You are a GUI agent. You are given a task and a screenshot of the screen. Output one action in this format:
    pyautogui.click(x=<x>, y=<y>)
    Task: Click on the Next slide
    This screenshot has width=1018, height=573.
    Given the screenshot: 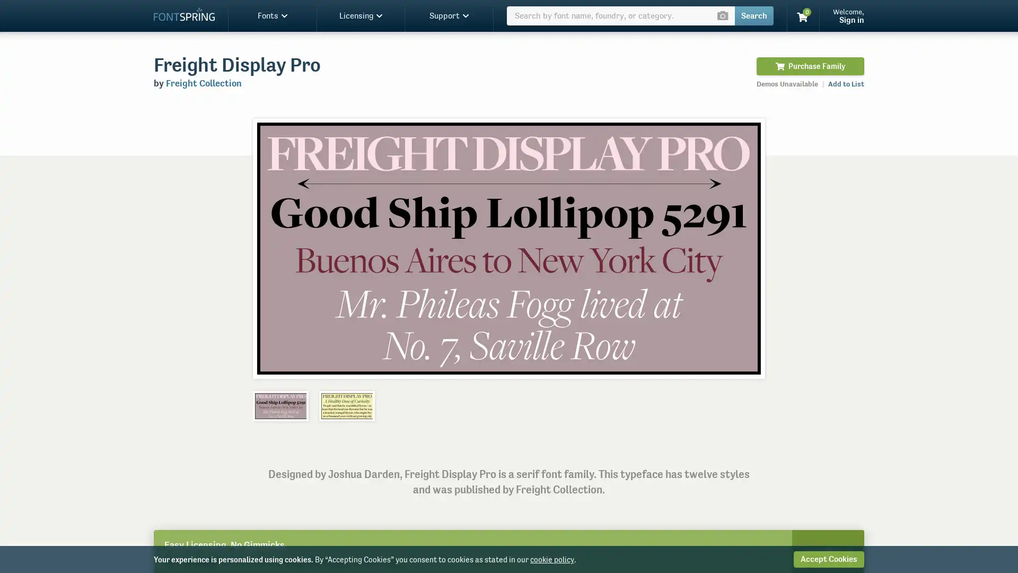 What is the action you would take?
    pyautogui.click(x=744, y=248)
    